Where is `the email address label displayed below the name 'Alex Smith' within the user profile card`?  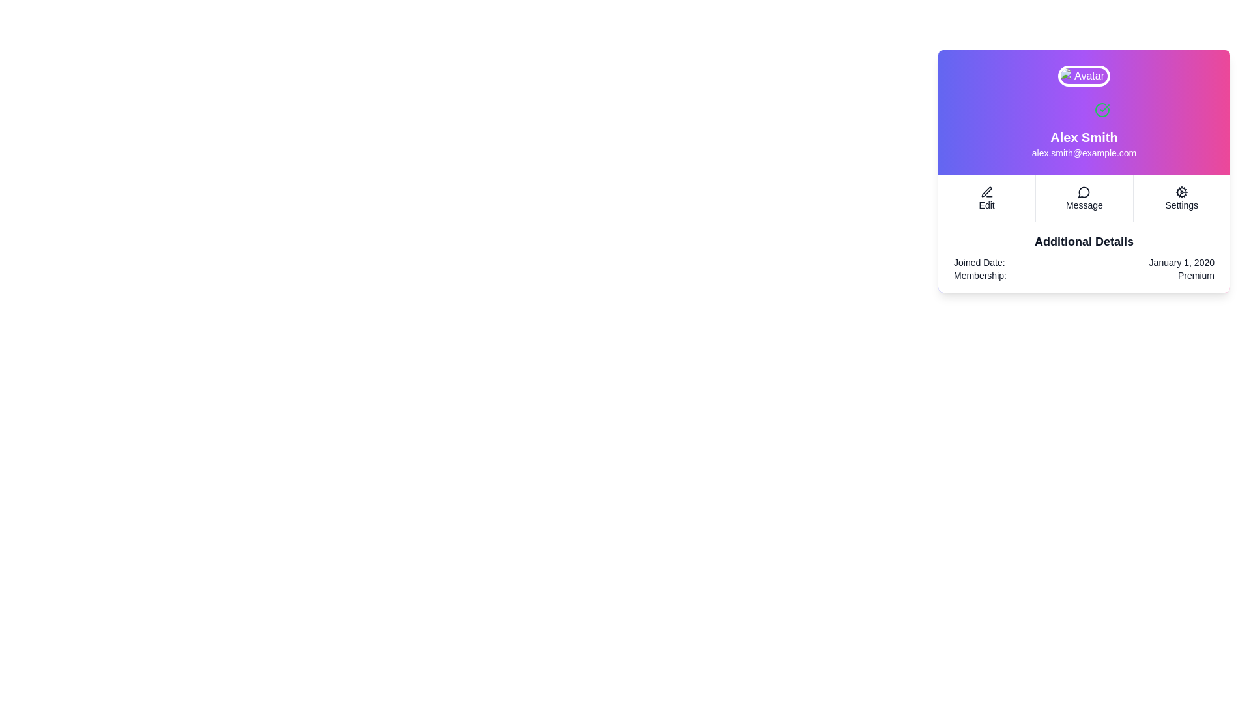
the email address label displayed below the name 'Alex Smith' within the user profile card is located at coordinates (1084, 153).